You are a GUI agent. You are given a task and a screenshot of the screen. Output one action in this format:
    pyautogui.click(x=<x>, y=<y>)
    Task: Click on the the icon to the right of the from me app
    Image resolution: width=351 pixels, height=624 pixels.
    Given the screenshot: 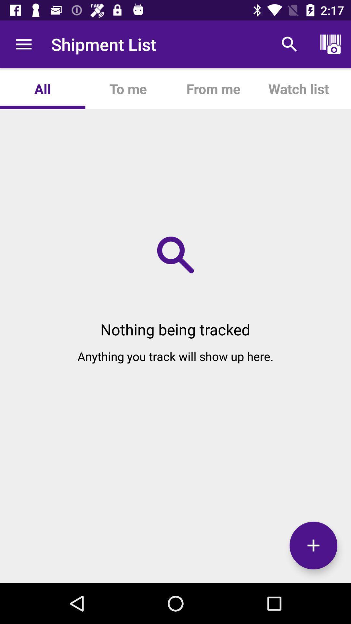 What is the action you would take?
    pyautogui.click(x=298, y=88)
    